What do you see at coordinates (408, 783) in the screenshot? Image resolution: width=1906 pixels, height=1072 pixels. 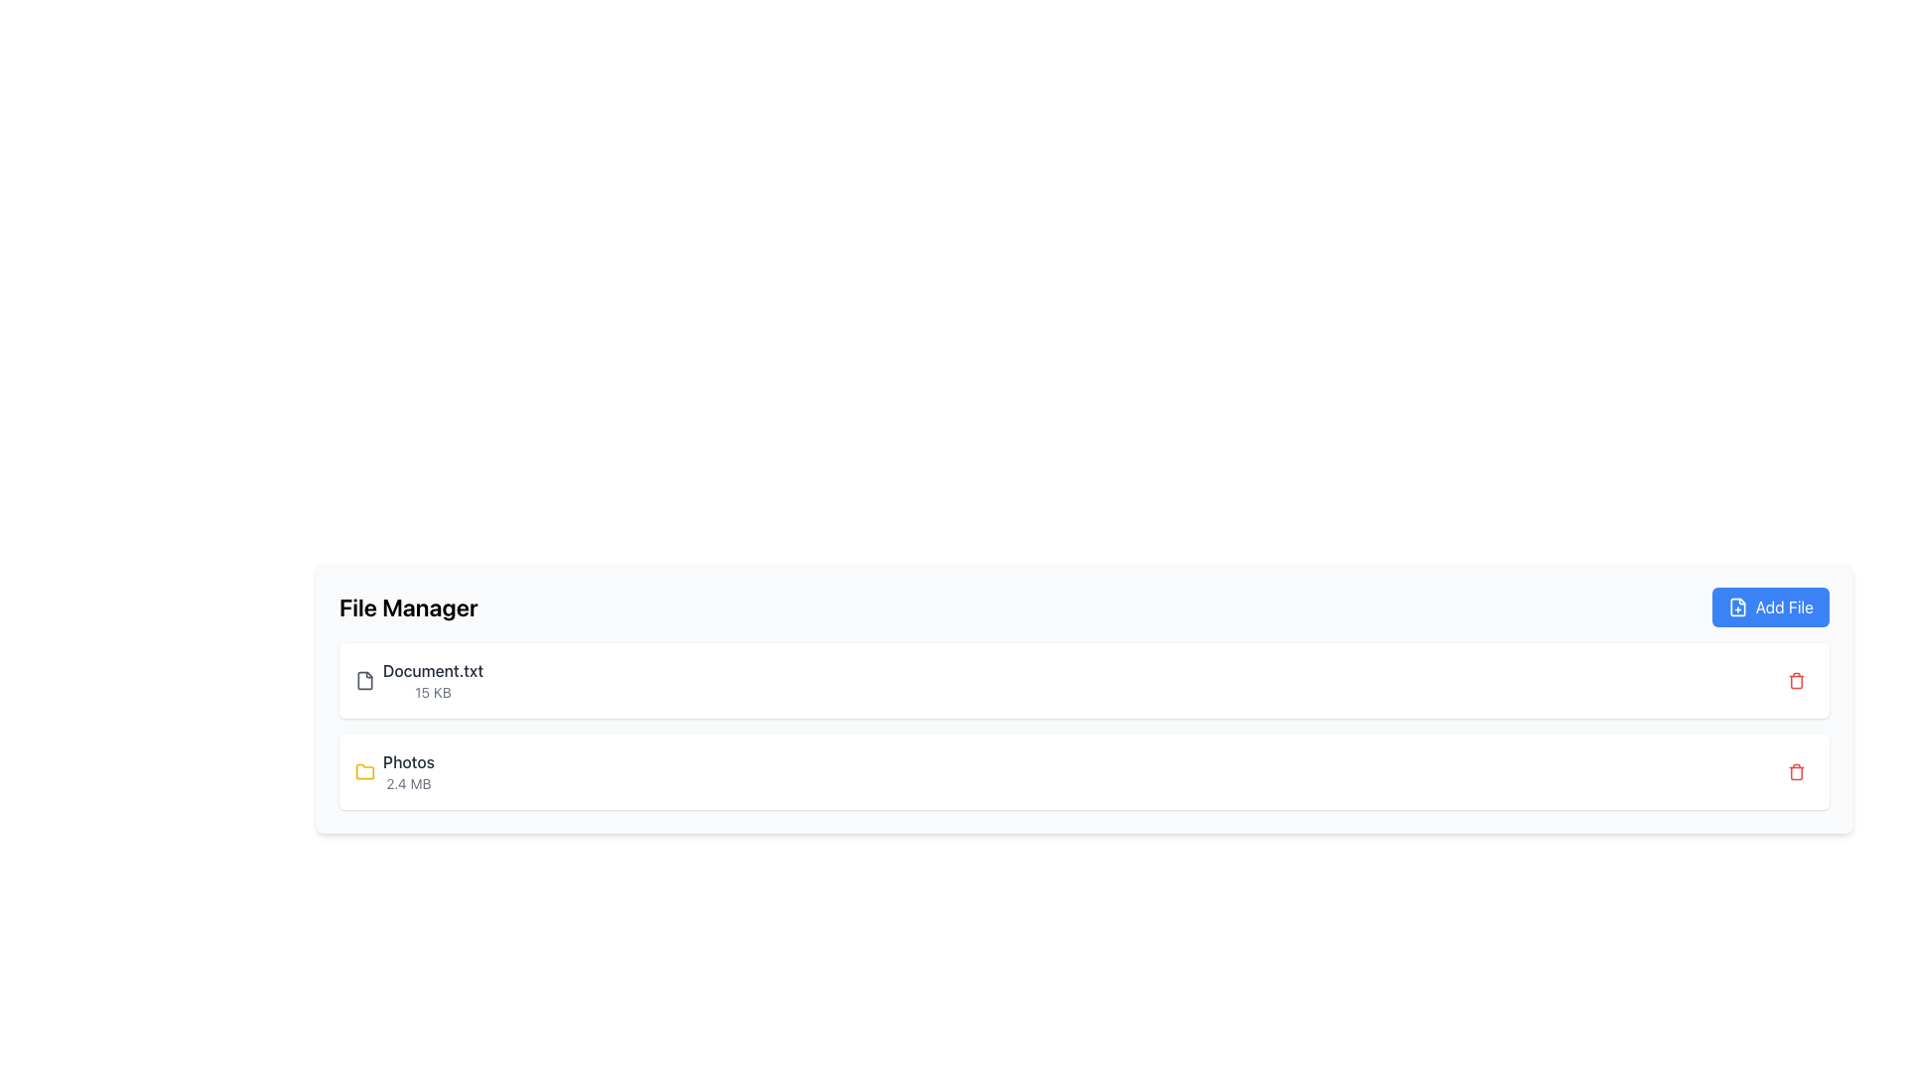 I see `the static informational text element displaying '2.4 MB', which is positioned directly beneath the 'Photos' label in the file manager section` at bounding box center [408, 783].